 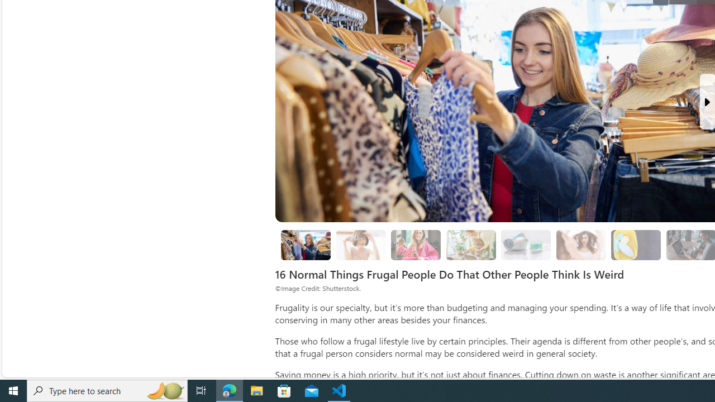 I want to click on '1. Cutting Hair', so click(x=361, y=245).